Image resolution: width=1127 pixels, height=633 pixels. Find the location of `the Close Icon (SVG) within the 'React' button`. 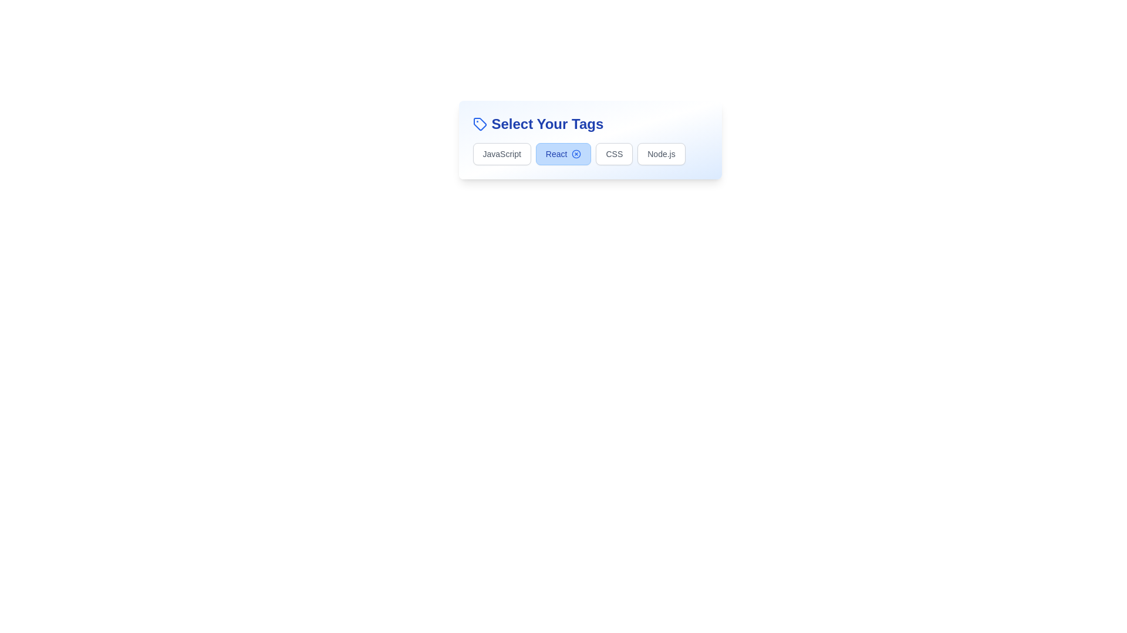

the Close Icon (SVG) within the 'React' button is located at coordinates (576, 153).